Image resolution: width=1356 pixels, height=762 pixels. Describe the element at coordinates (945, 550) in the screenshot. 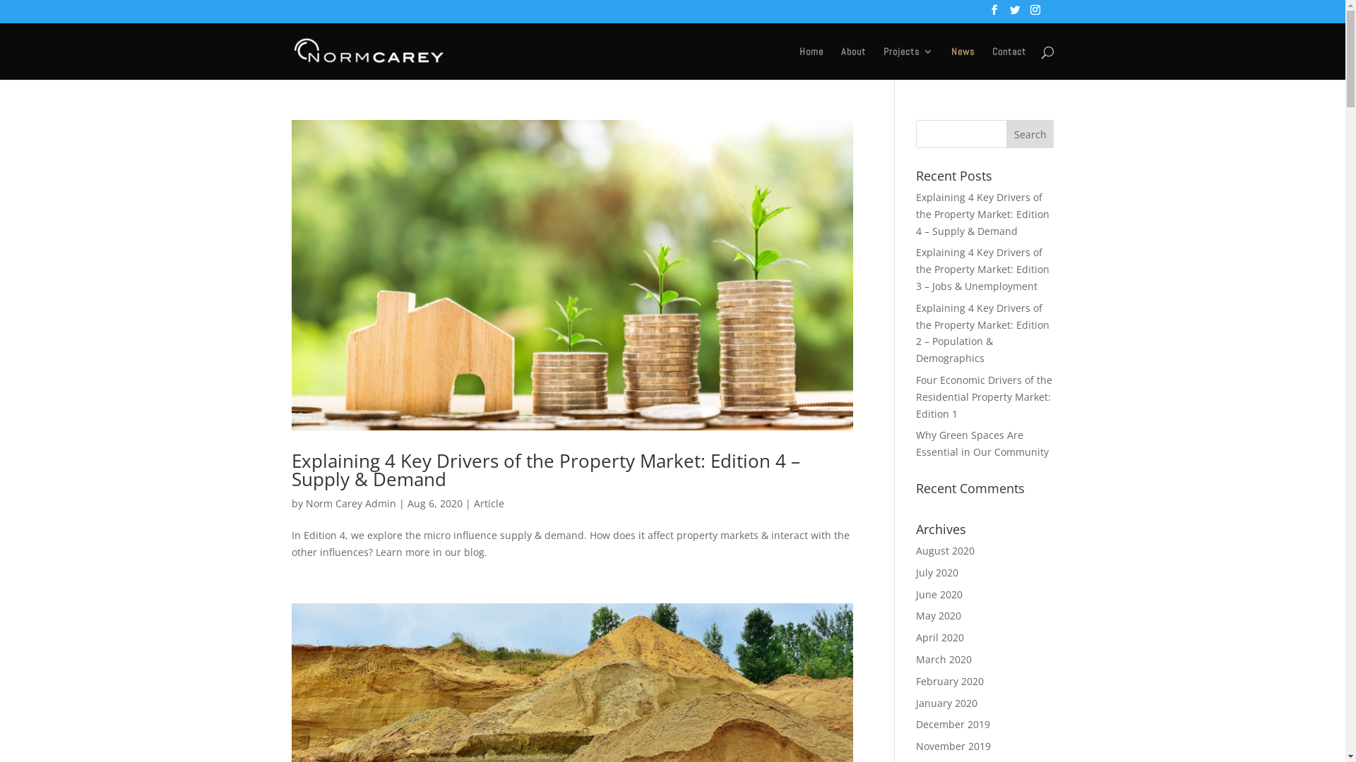

I see `'August 2020'` at that location.